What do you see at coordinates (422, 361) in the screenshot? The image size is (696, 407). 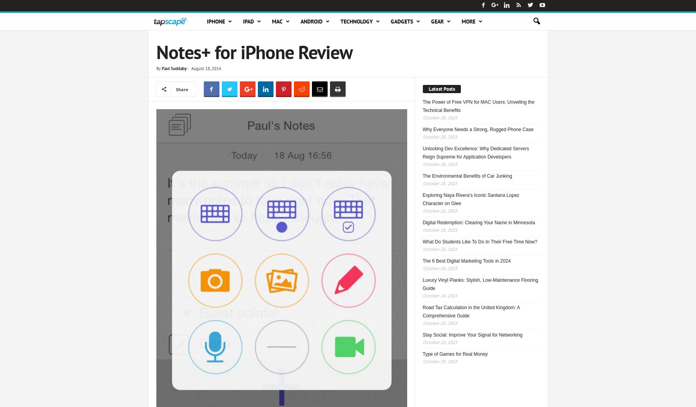 I see `'October 20, 2023'` at bounding box center [422, 361].